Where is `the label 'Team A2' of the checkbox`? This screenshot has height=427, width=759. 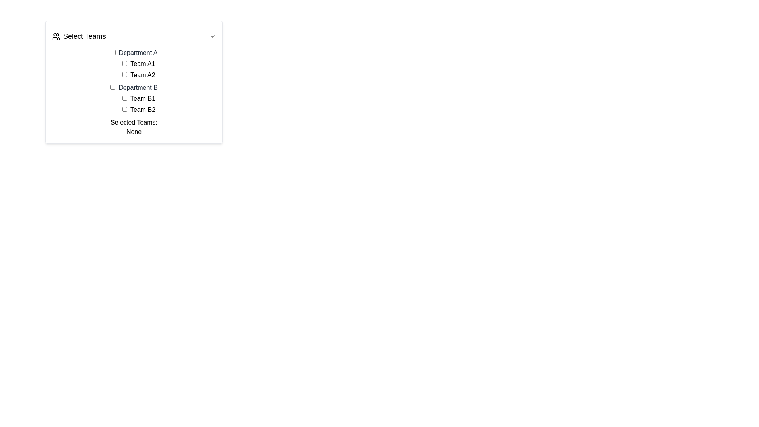
the label 'Team A2' of the checkbox is located at coordinates (138, 75).